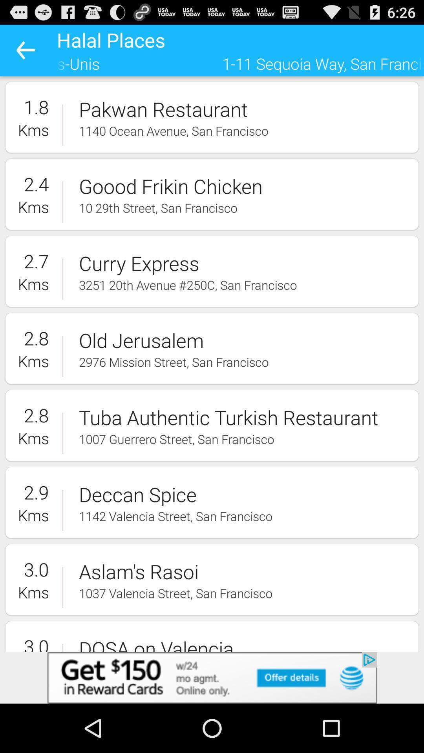 The image size is (424, 753). I want to click on open advertisement, so click(212, 677).